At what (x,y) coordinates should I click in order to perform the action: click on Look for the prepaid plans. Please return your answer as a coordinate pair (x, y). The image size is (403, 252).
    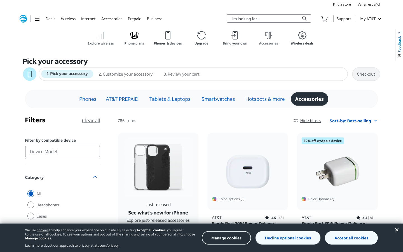
    Looking at the image, I should click on (134, 18).